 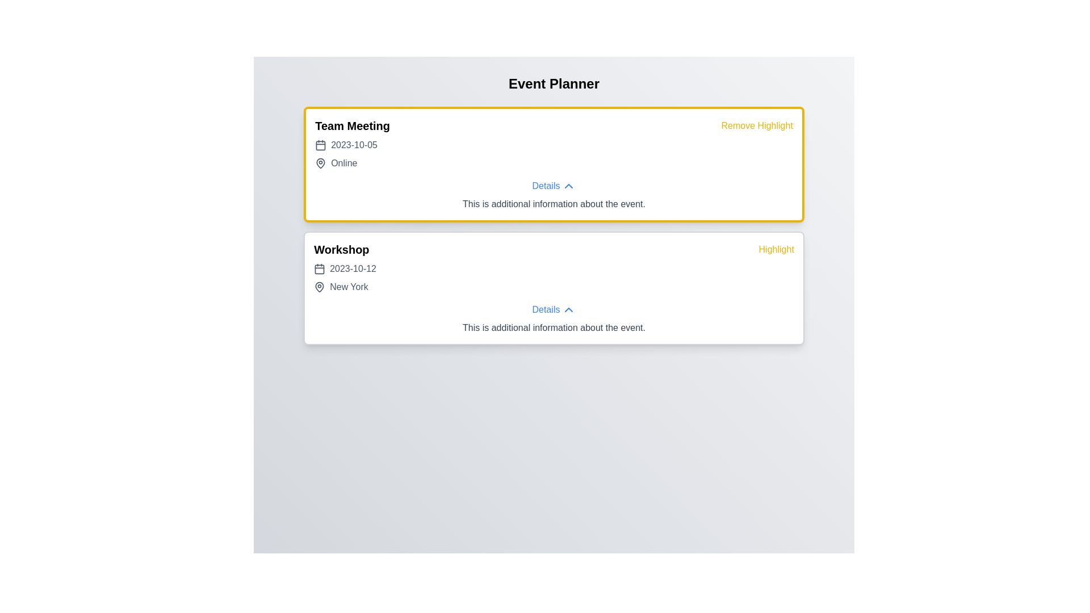 What do you see at coordinates (320, 163) in the screenshot?
I see `the gray map pin icon located to the left of the 'Online' text in the 'Team Meeting' section` at bounding box center [320, 163].